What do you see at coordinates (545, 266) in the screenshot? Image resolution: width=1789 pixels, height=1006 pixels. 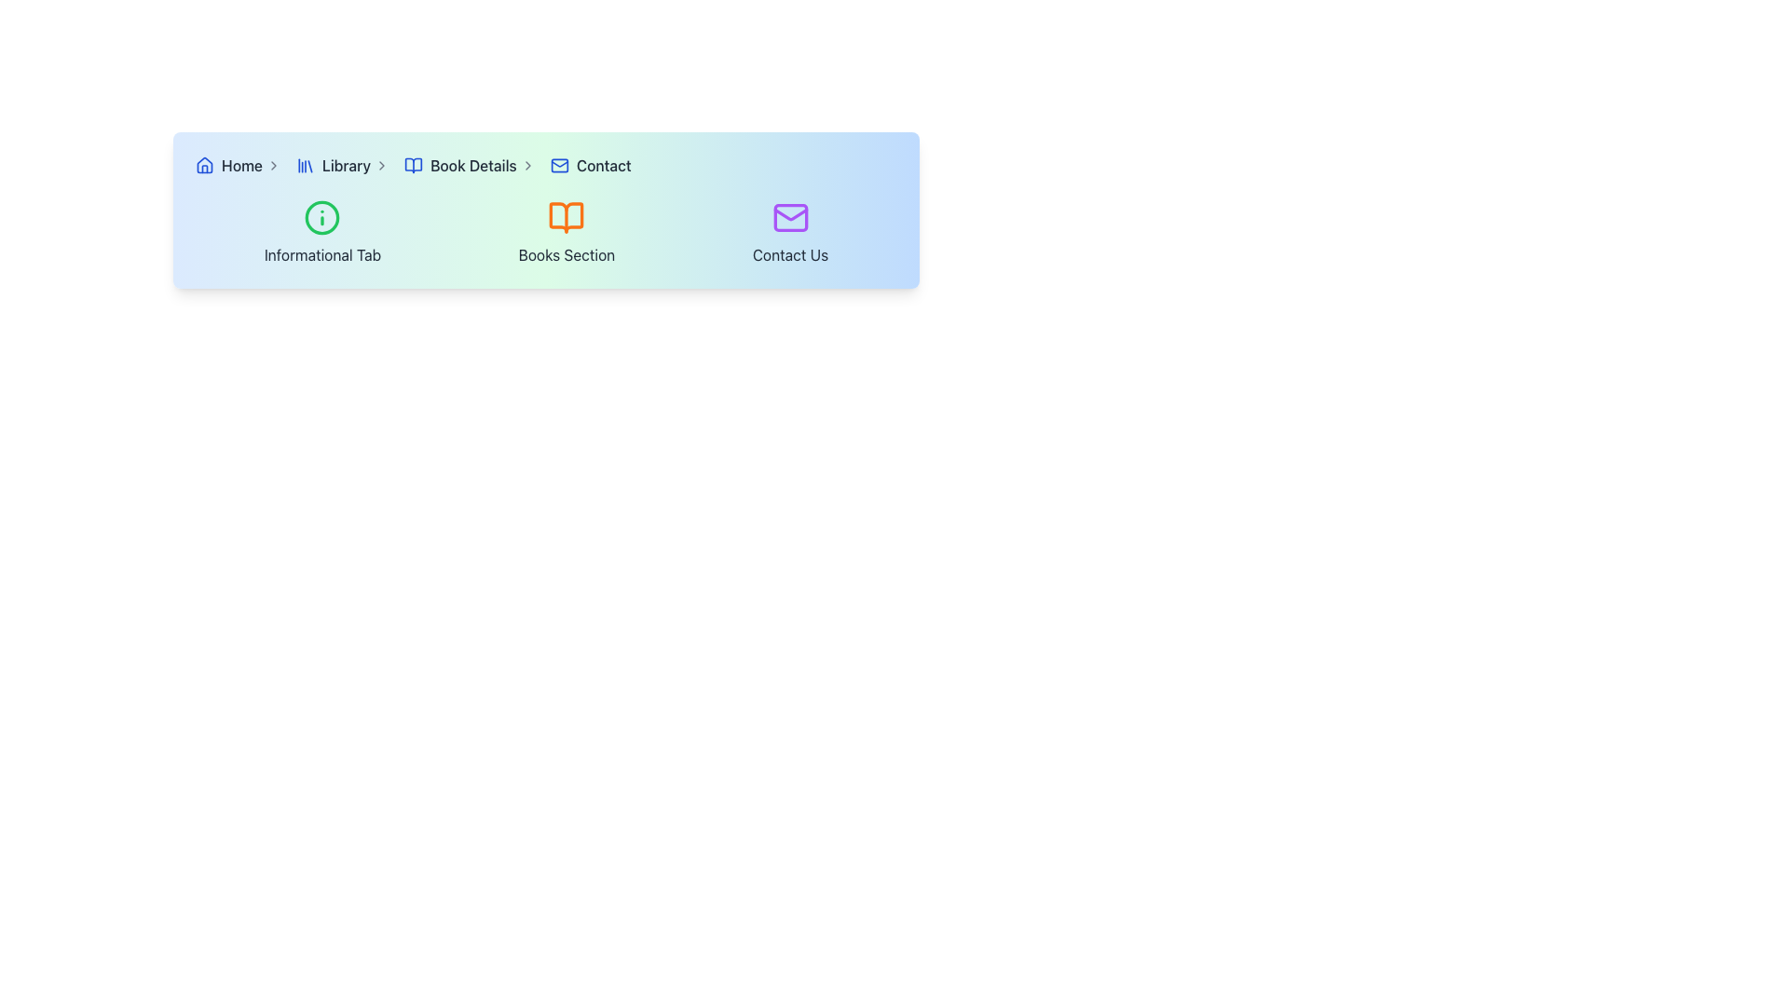 I see `the bright orange open book icon labeled 'Books Section'` at bounding box center [545, 266].